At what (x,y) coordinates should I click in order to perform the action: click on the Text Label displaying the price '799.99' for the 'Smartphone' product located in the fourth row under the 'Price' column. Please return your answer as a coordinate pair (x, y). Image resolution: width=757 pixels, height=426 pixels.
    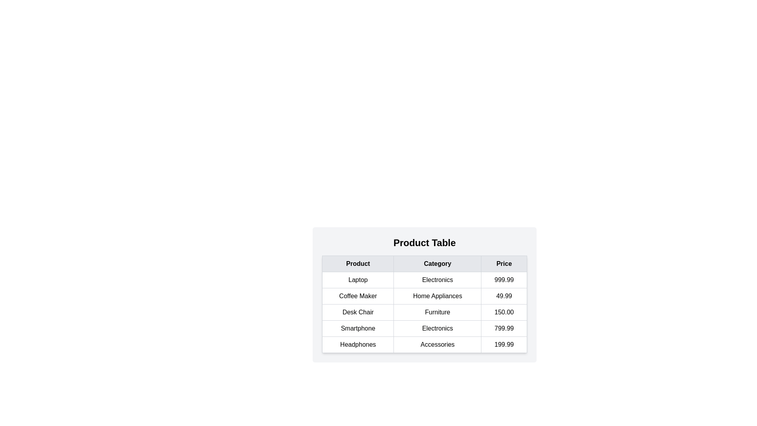
    Looking at the image, I should click on (503, 329).